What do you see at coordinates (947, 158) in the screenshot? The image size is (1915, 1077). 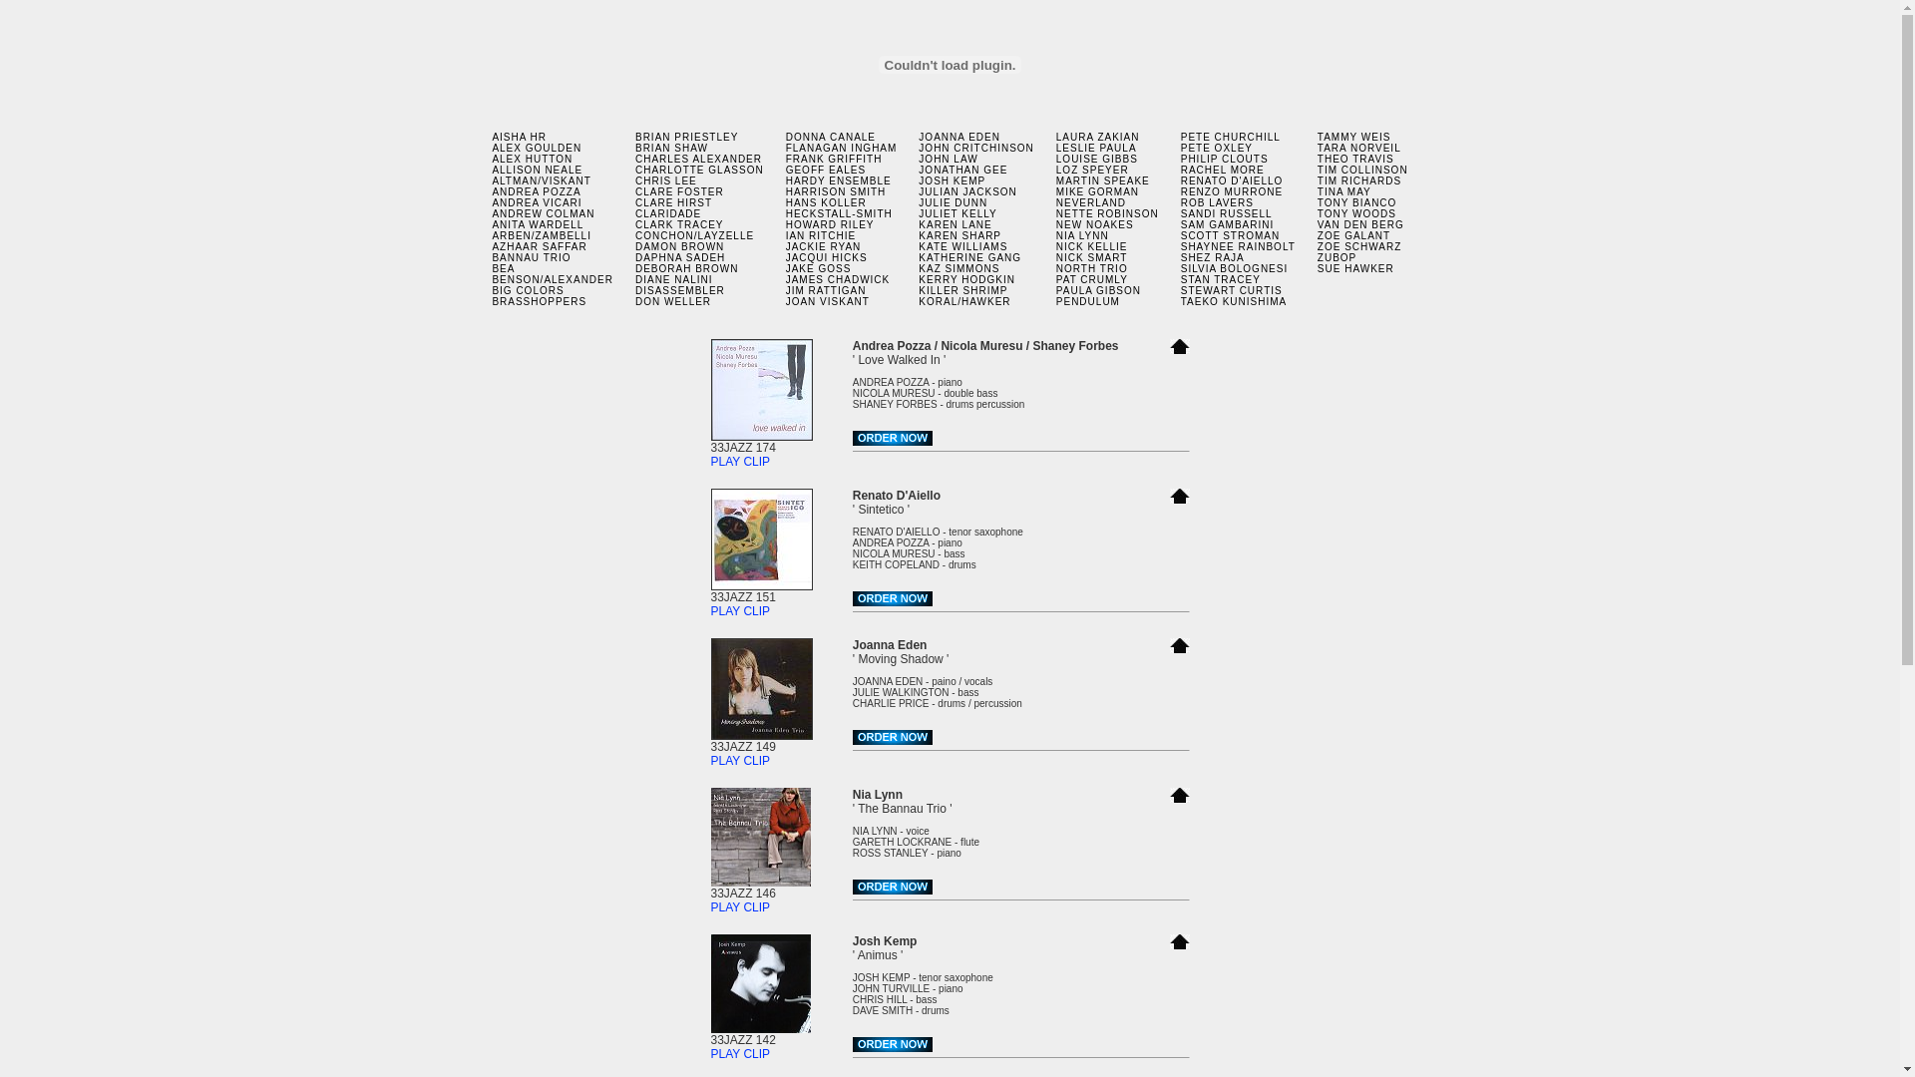 I see `'JOHN LAW'` at bounding box center [947, 158].